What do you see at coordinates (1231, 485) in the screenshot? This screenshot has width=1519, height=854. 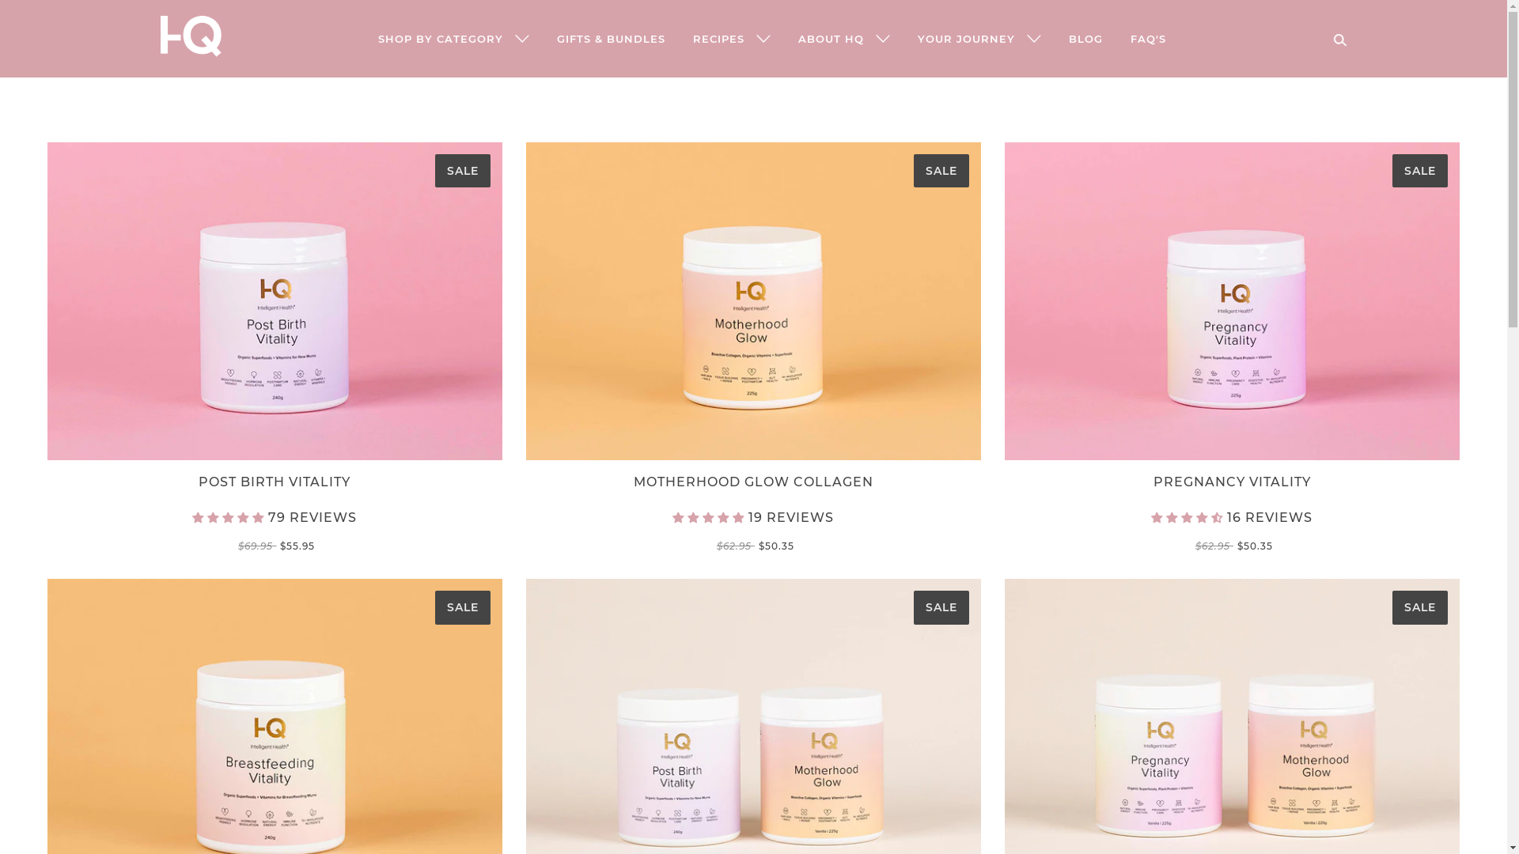 I see `'PREGNANCY VITALITY'` at bounding box center [1231, 485].